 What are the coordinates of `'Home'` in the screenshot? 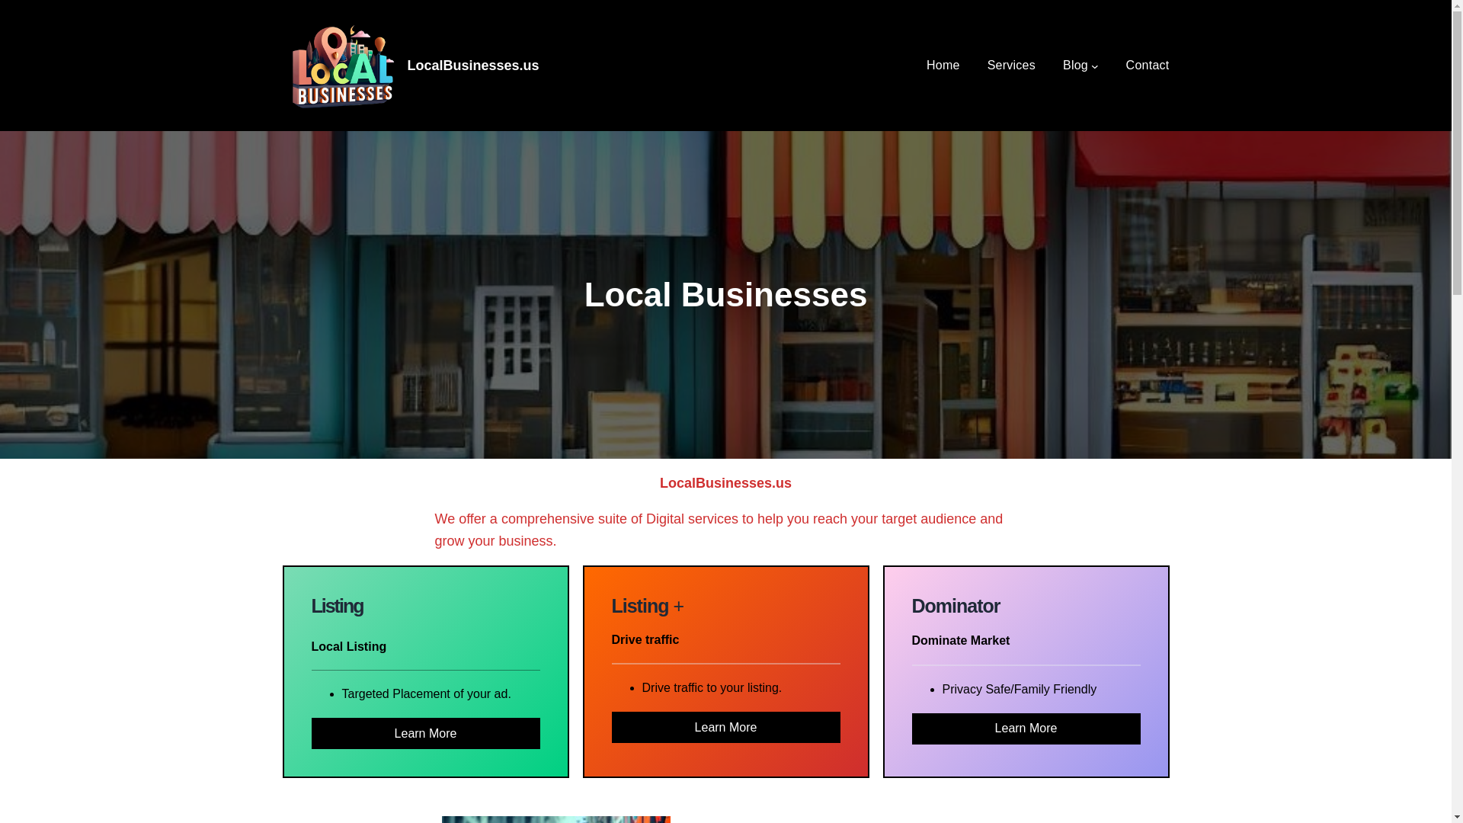 It's located at (943, 64).